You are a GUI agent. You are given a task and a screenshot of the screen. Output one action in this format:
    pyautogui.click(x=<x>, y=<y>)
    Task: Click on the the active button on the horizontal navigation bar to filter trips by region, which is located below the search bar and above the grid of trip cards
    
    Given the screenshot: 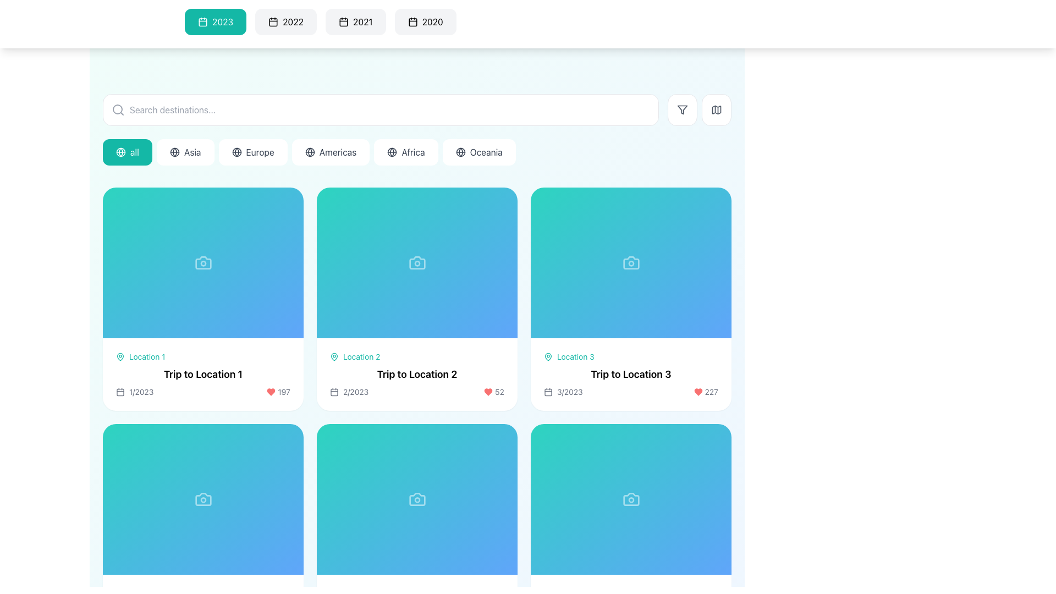 What is the action you would take?
    pyautogui.click(x=416, y=155)
    